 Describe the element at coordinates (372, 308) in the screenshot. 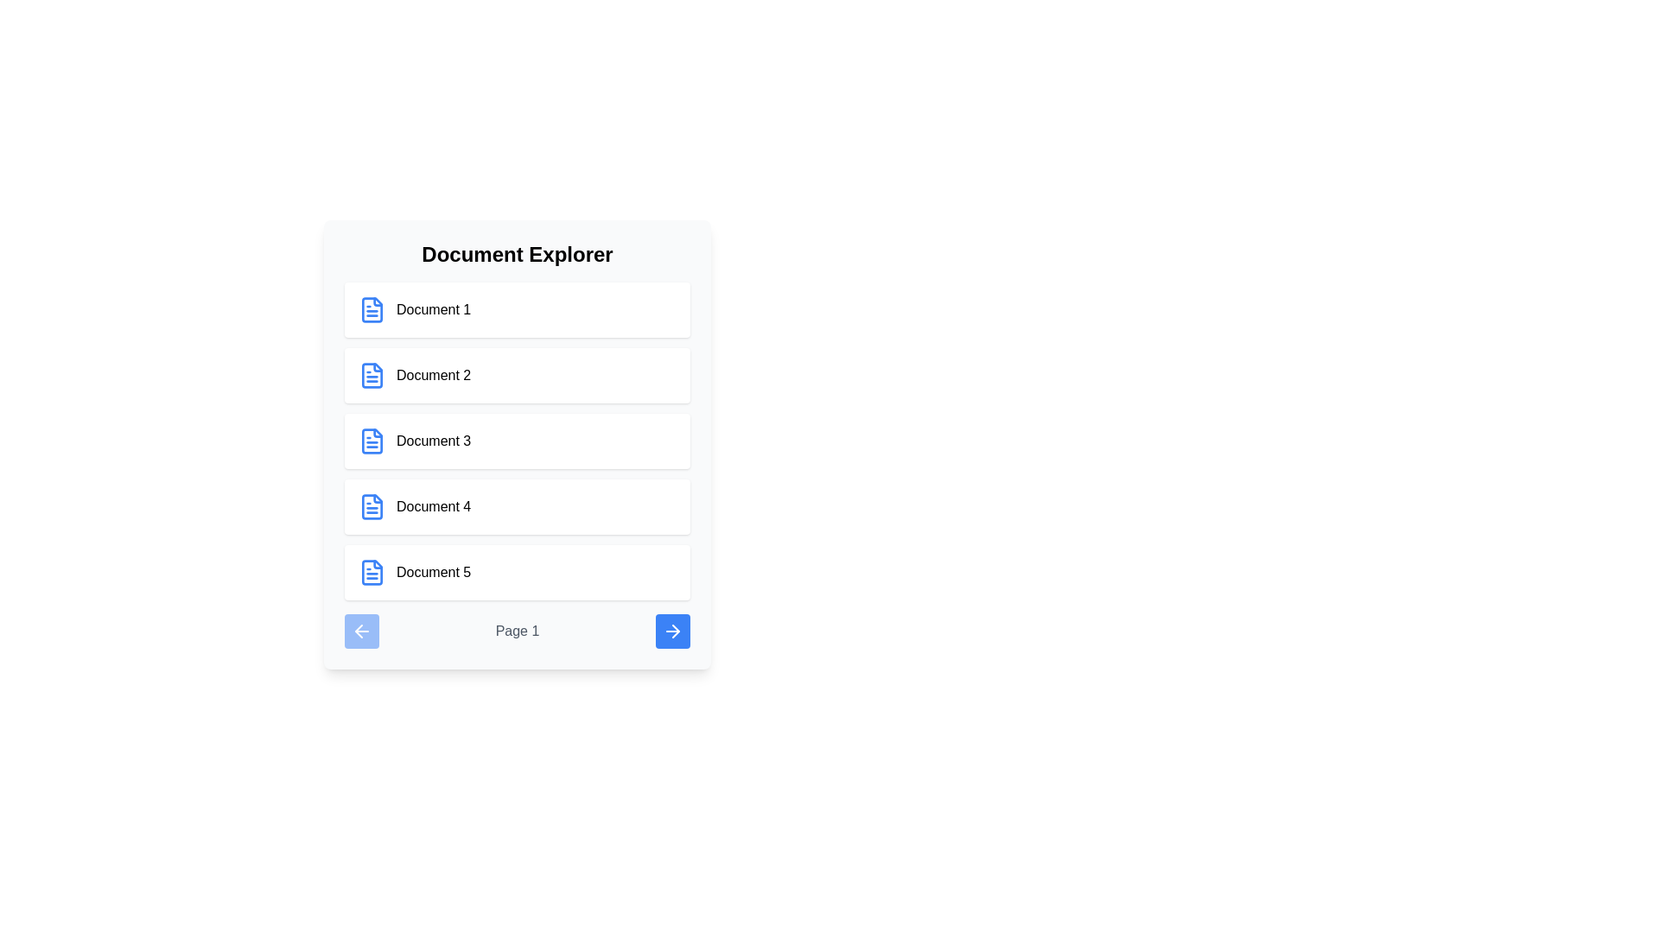

I see `the blue file icon with a document-like outline, which is the first icon in the 'Document Explorer' section corresponding to 'Document 1'` at that location.